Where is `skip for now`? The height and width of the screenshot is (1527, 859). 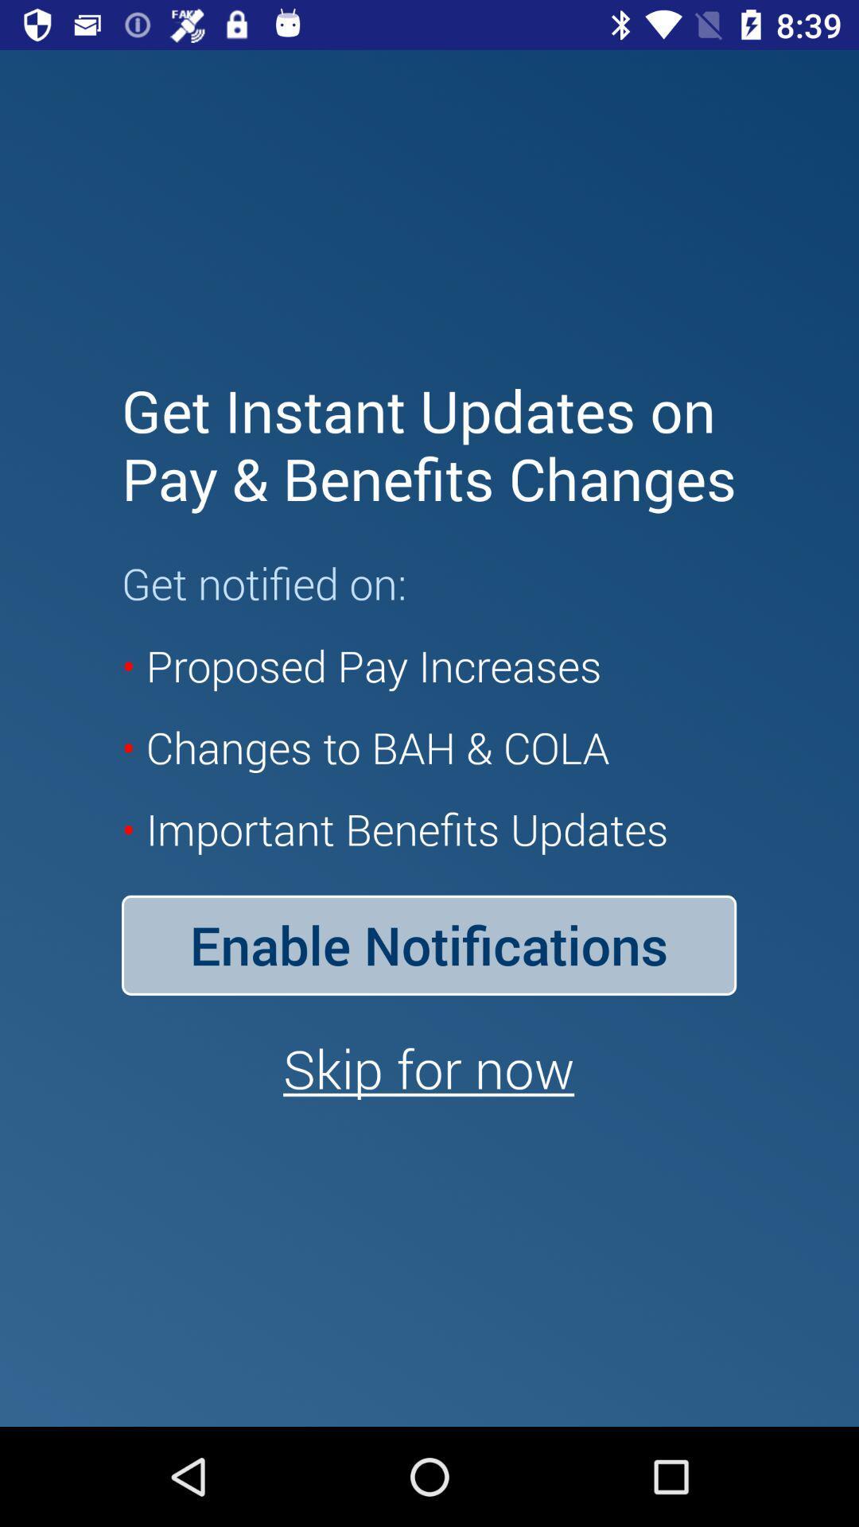 skip for now is located at coordinates (428, 1068).